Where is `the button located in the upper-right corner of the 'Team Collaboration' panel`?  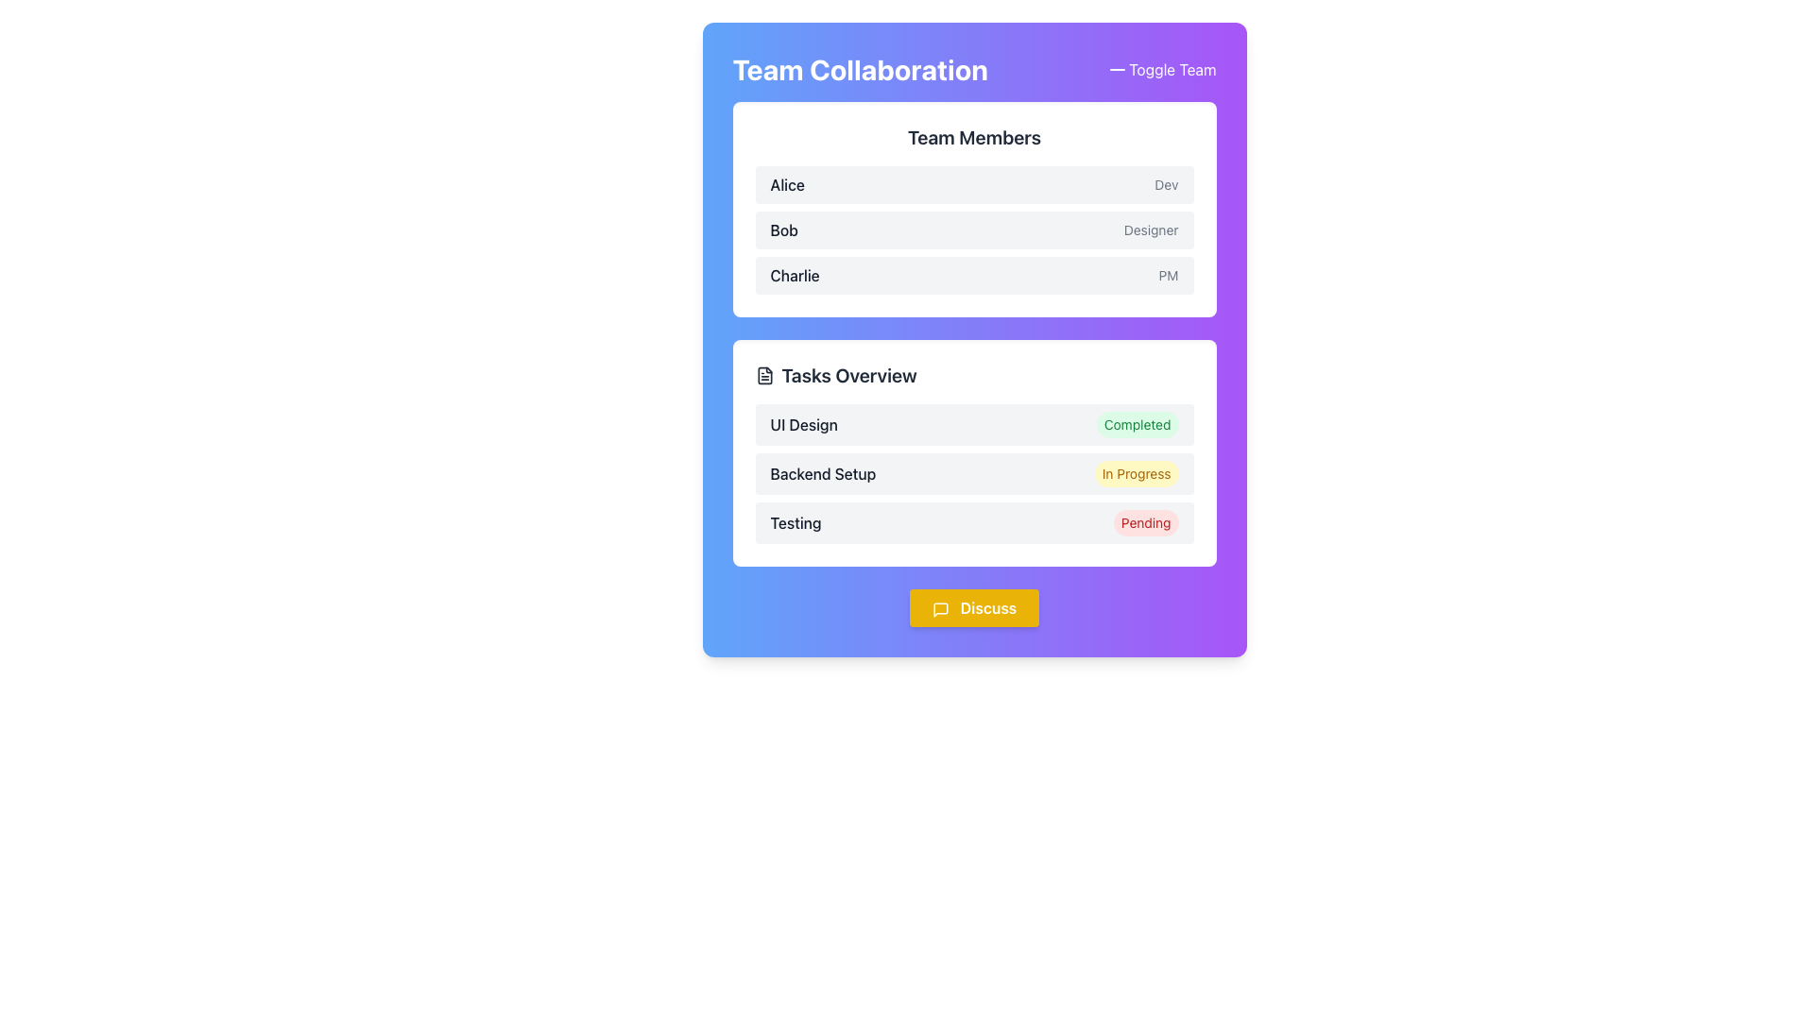
the button located in the upper-right corner of the 'Team Collaboration' panel is located at coordinates (1160, 68).